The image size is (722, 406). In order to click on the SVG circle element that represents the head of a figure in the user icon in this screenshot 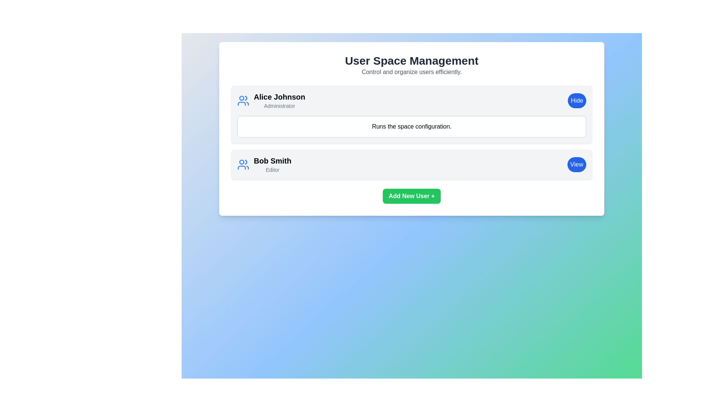, I will do `click(242, 162)`.